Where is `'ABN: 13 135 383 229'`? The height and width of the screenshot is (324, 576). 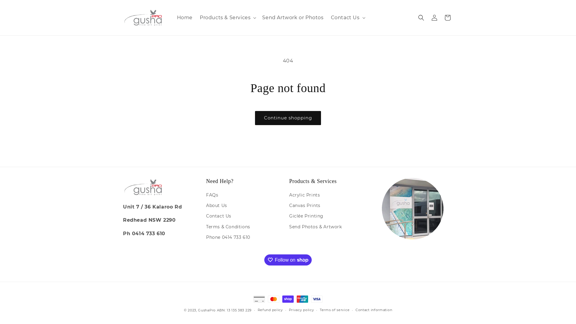
'ABN: 13 135 383 229' is located at coordinates (234, 310).